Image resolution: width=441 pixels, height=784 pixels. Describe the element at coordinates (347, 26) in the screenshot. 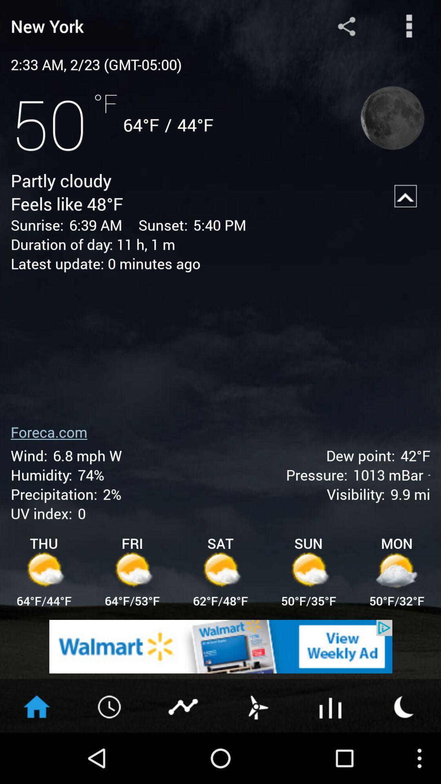

I see `share icon` at that location.